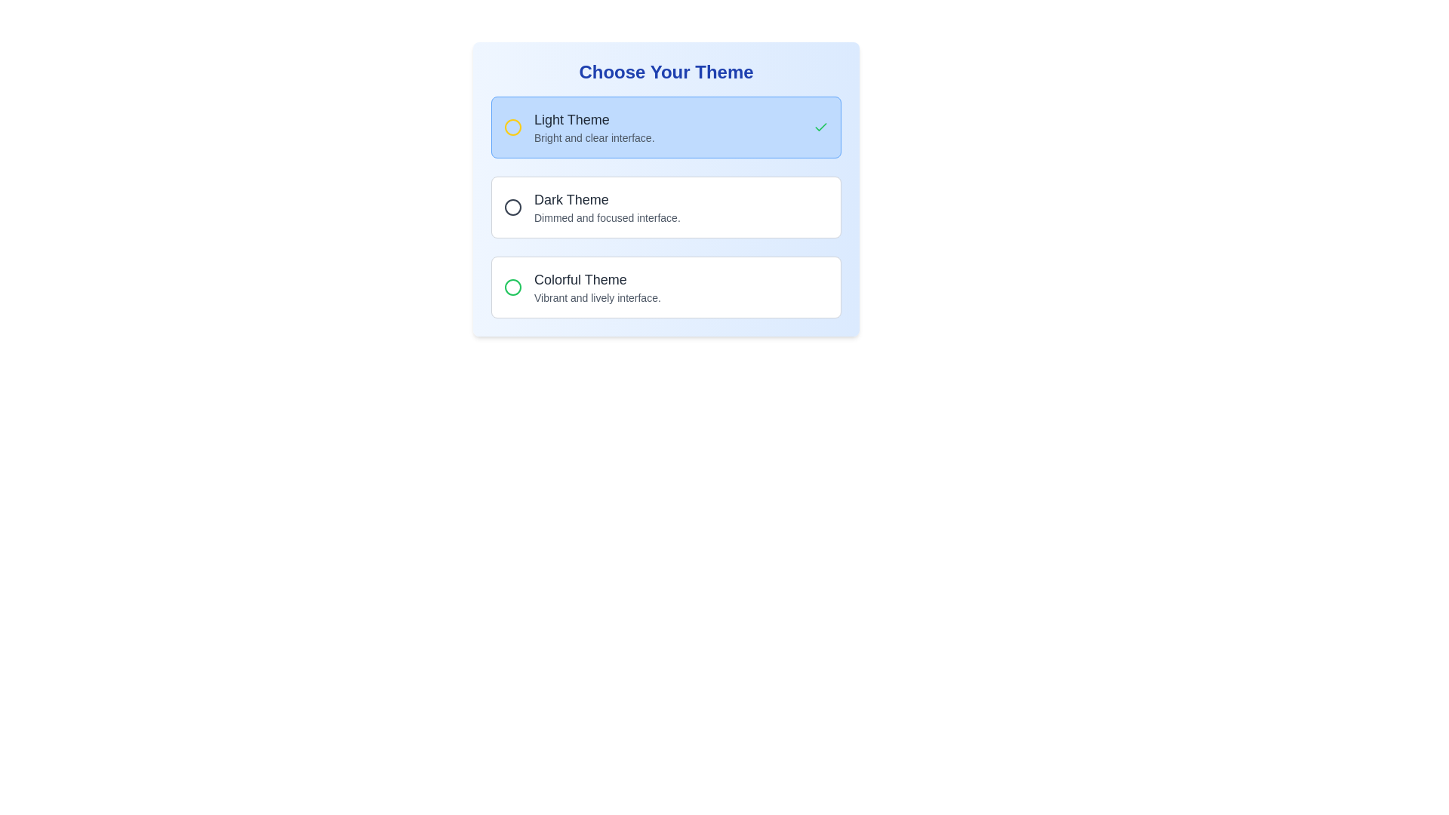  I want to click on the 'Light Theme' text label, which is bold, black, and located under the 'Choose Your Theme' header, positioned above the description 'Bright and clear interface.', so click(593, 118).